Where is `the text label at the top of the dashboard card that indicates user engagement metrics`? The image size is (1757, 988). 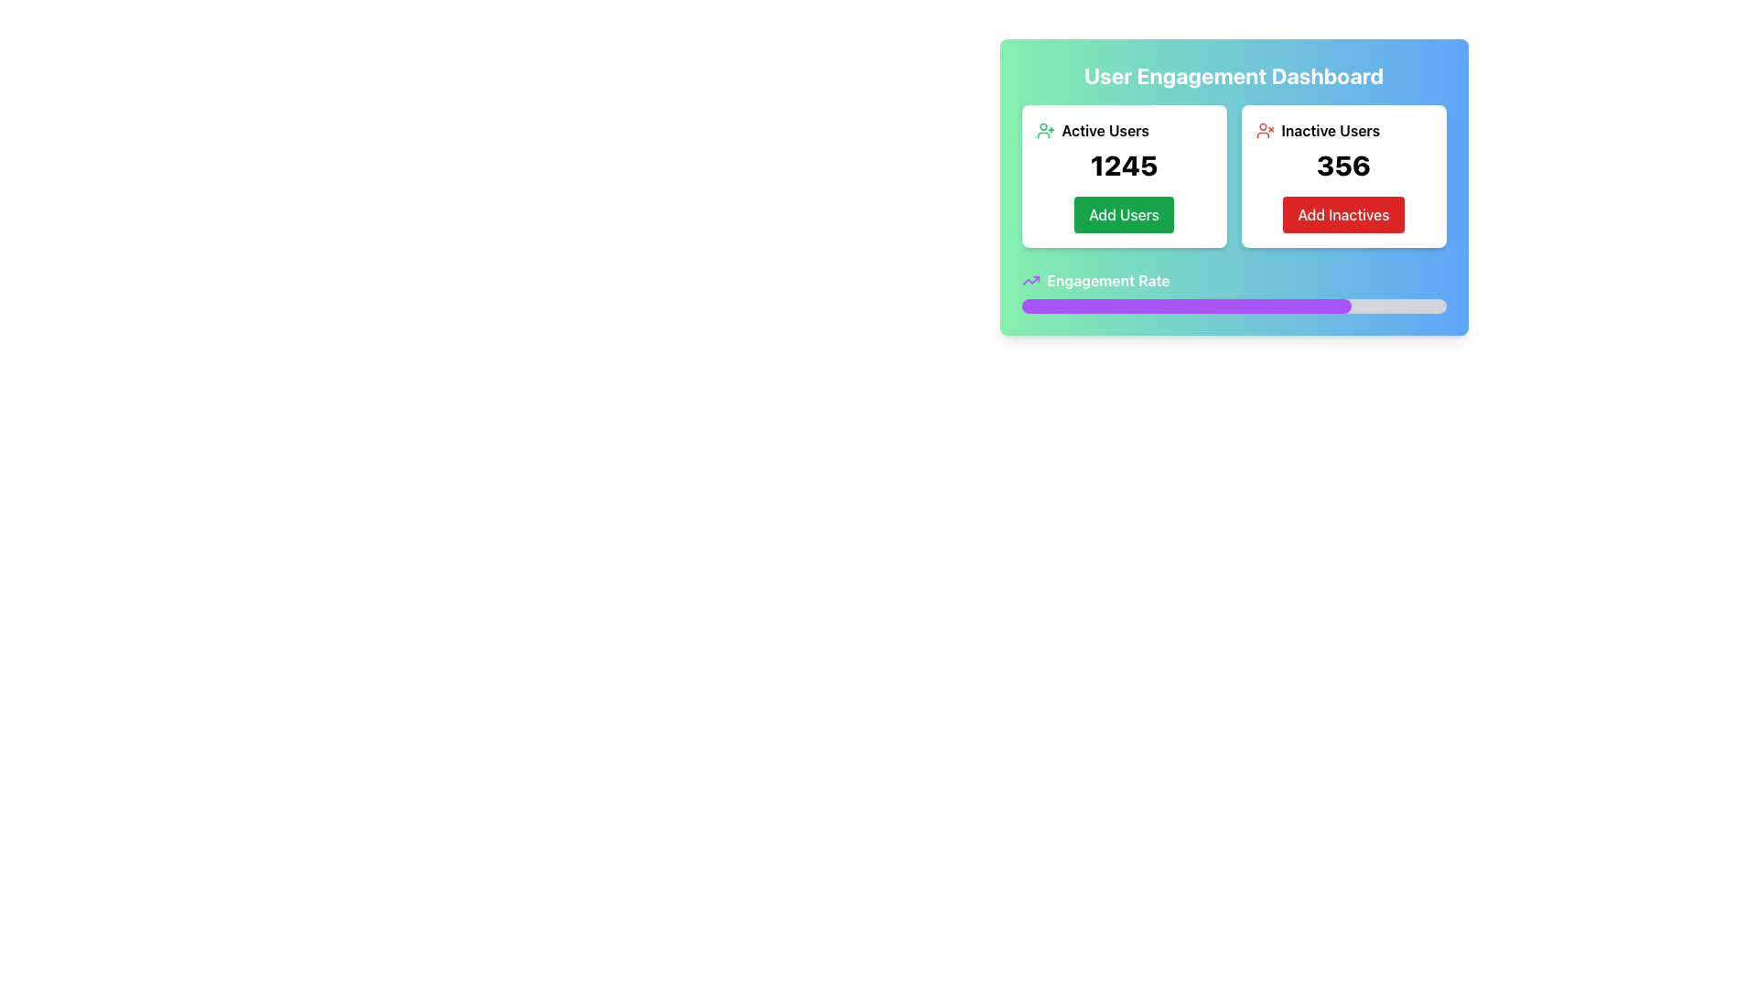
the text label at the top of the dashboard card that indicates user engagement metrics is located at coordinates (1234, 75).